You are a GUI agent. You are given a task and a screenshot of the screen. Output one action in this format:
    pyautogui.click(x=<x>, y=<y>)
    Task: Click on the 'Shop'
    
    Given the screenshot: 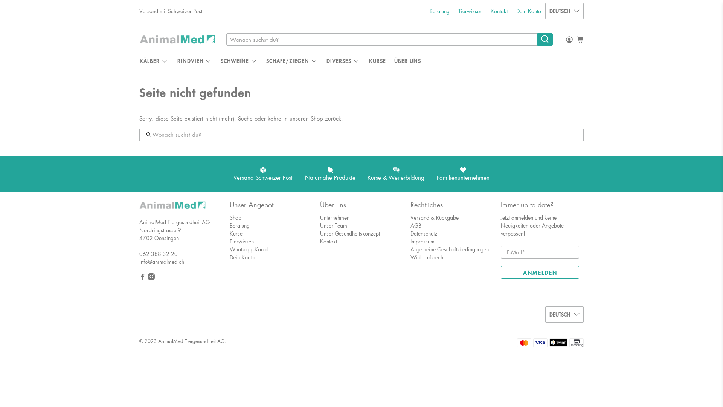 What is the action you would take?
    pyautogui.click(x=235, y=217)
    